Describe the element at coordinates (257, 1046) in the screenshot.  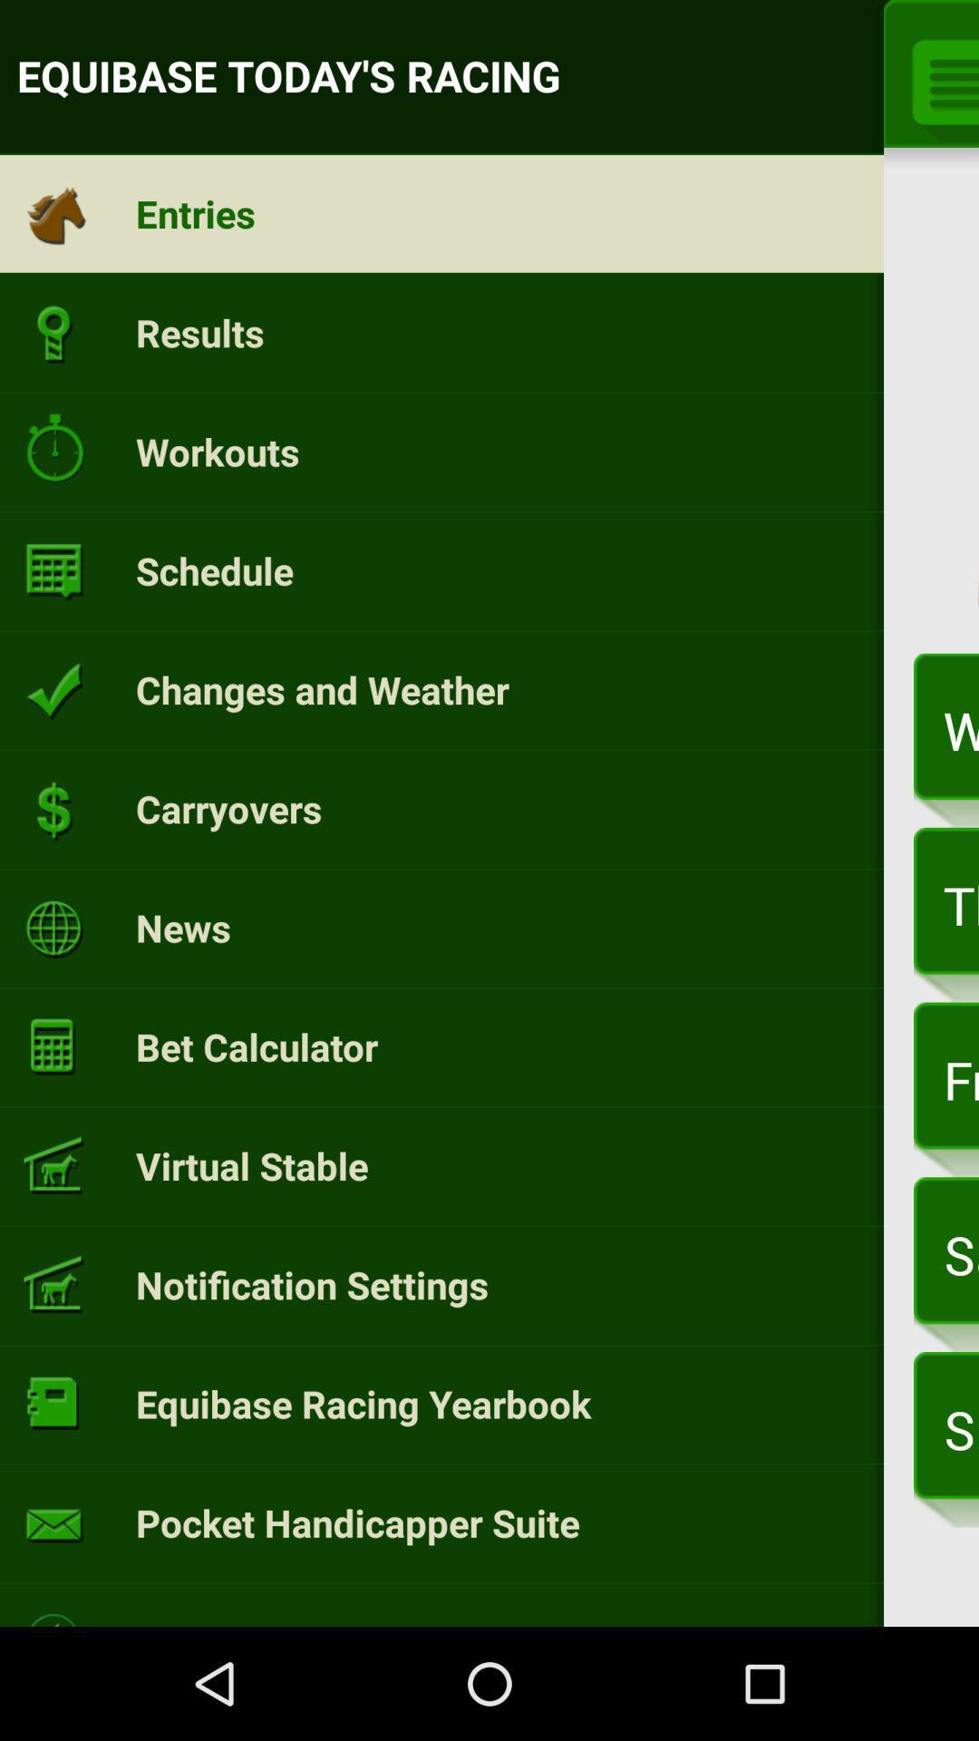
I see `icon next to friday, mar 31` at that location.